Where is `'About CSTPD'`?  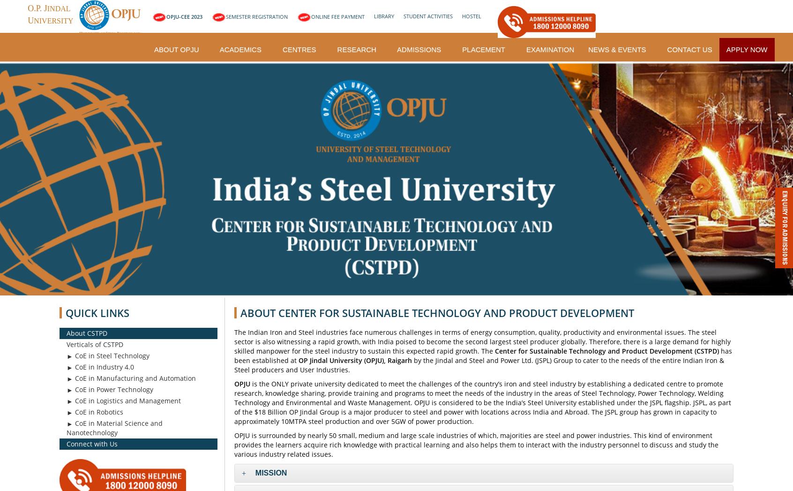
'About CSTPD' is located at coordinates (86, 332).